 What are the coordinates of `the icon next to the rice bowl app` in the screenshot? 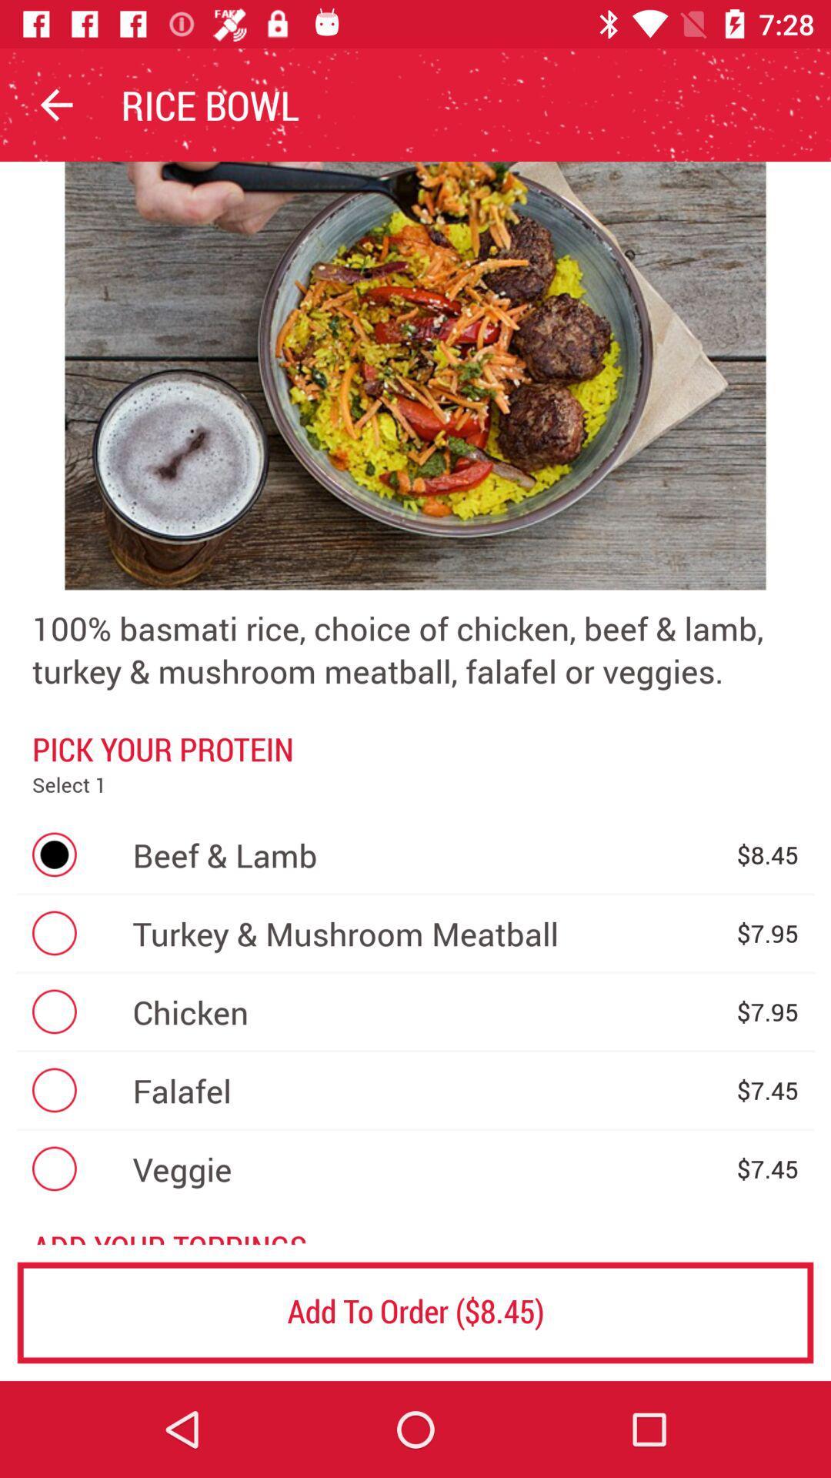 It's located at (55, 104).